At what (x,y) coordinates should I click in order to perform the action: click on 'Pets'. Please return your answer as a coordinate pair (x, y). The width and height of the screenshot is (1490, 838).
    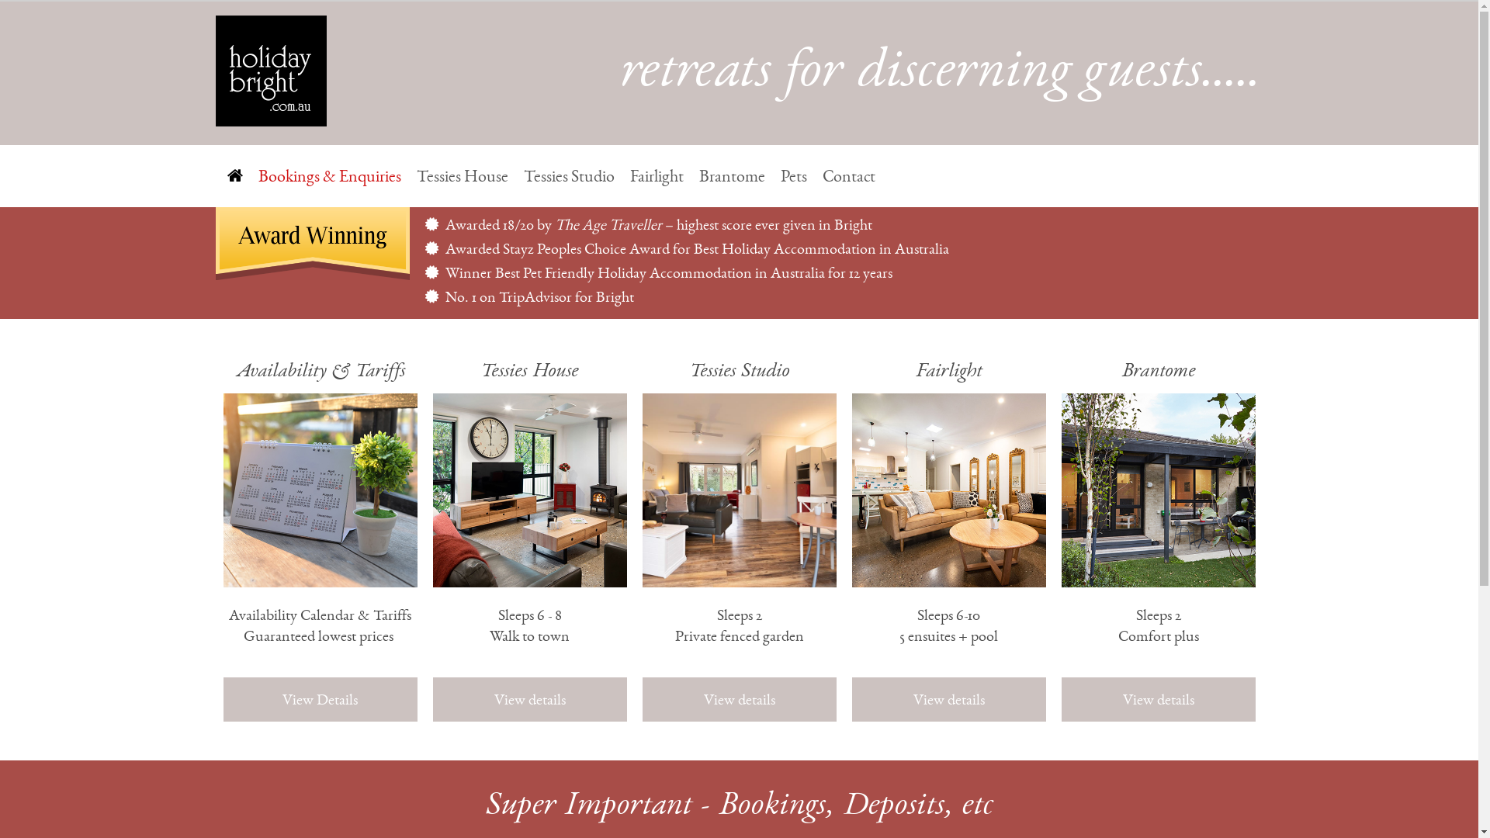
    Looking at the image, I should click on (793, 175).